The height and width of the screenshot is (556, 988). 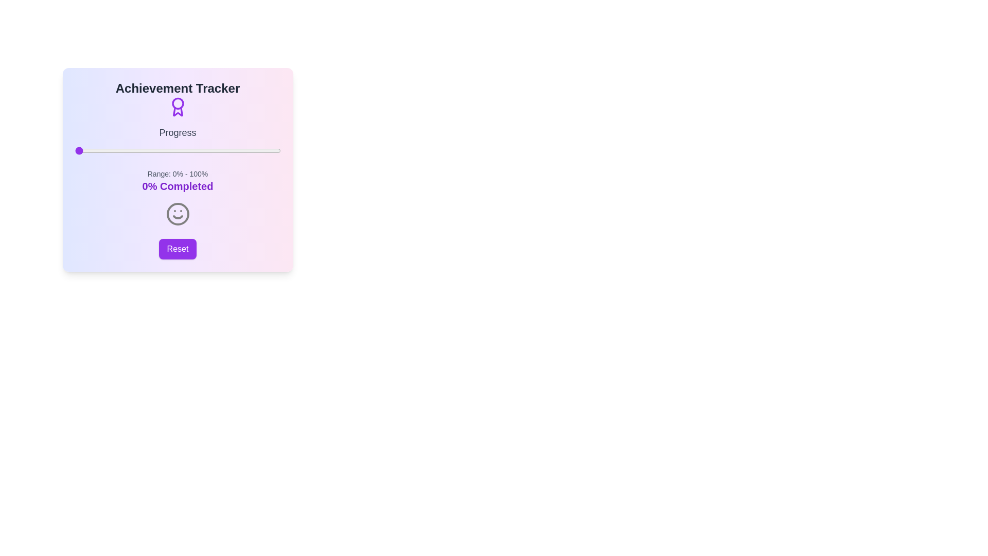 I want to click on the progress slider to 38%, so click(x=152, y=151).